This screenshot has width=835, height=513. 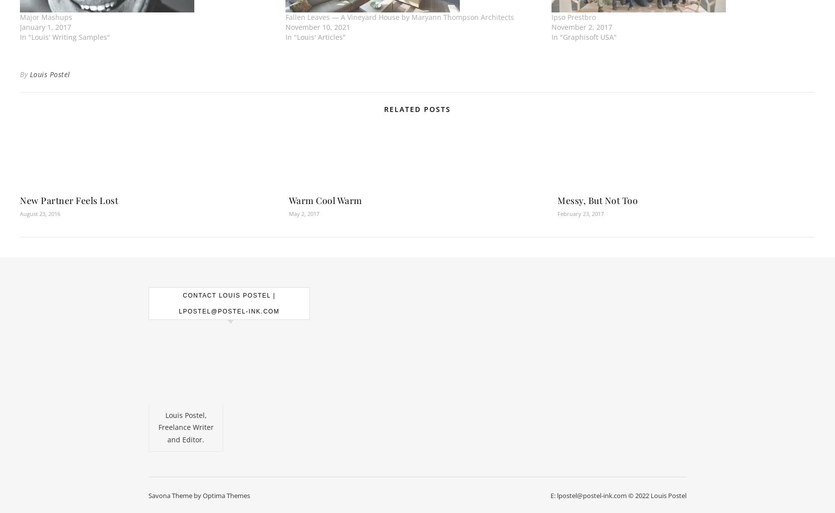 What do you see at coordinates (175, 495) in the screenshot?
I see `'Savona Theme by'` at bounding box center [175, 495].